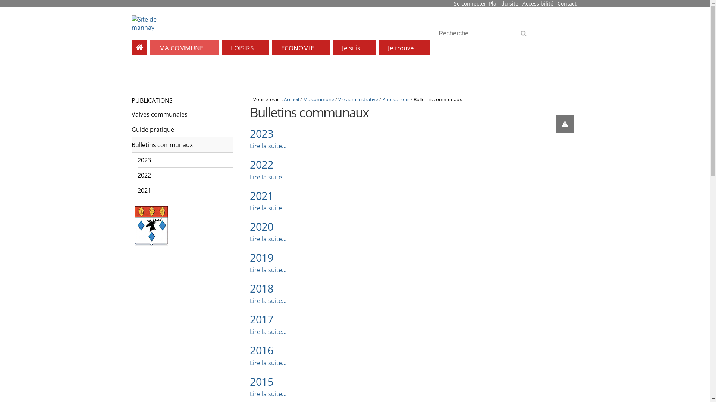 The image size is (716, 402). What do you see at coordinates (301, 47) in the screenshot?
I see `'ECONOMIE'` at bounding box center [301, 47].